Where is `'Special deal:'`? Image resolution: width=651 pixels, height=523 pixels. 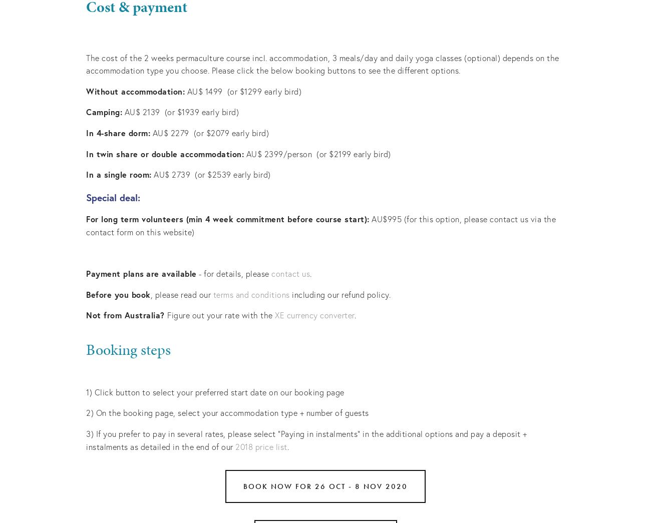
'Special deal:' is located at coordinates (112, 196).